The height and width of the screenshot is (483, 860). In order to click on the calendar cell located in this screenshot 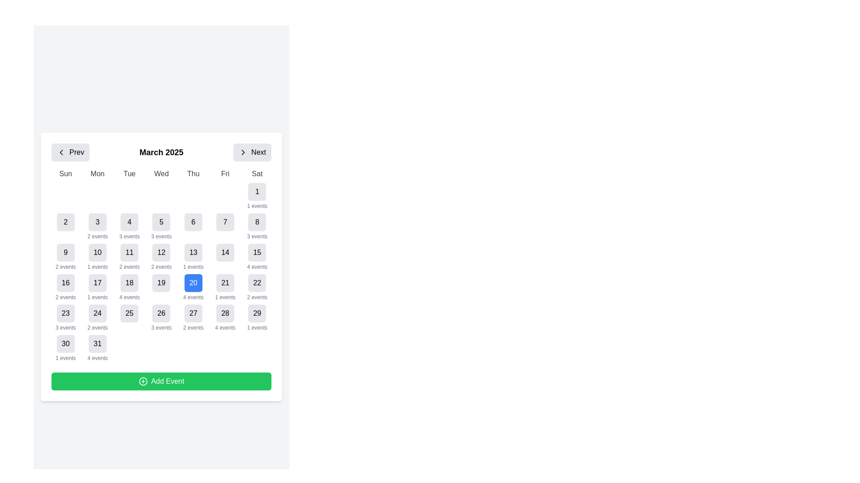, I will do `click(65, 257)`.